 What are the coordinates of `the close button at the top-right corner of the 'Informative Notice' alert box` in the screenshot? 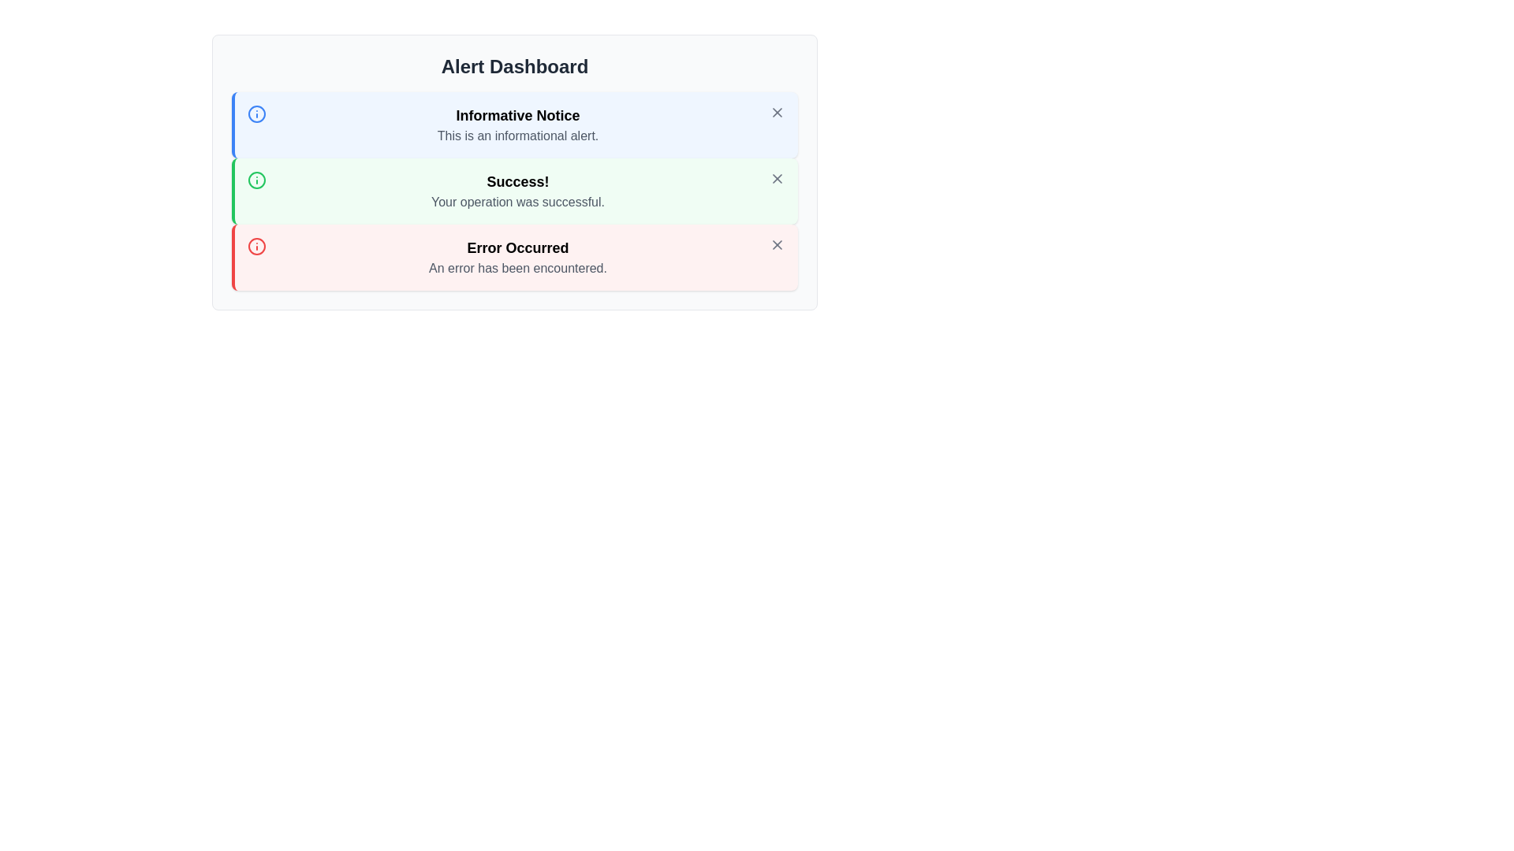 It's located at (777, 111).